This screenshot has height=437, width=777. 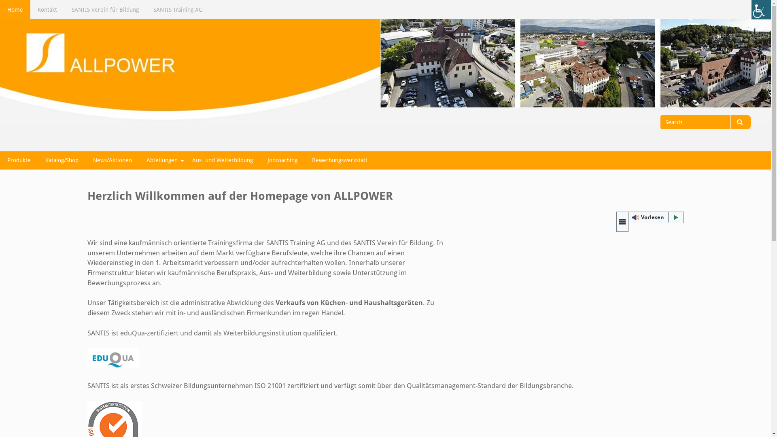 I want to click on 'Aus- und Weiterbildung', so click(x=223, y=160).